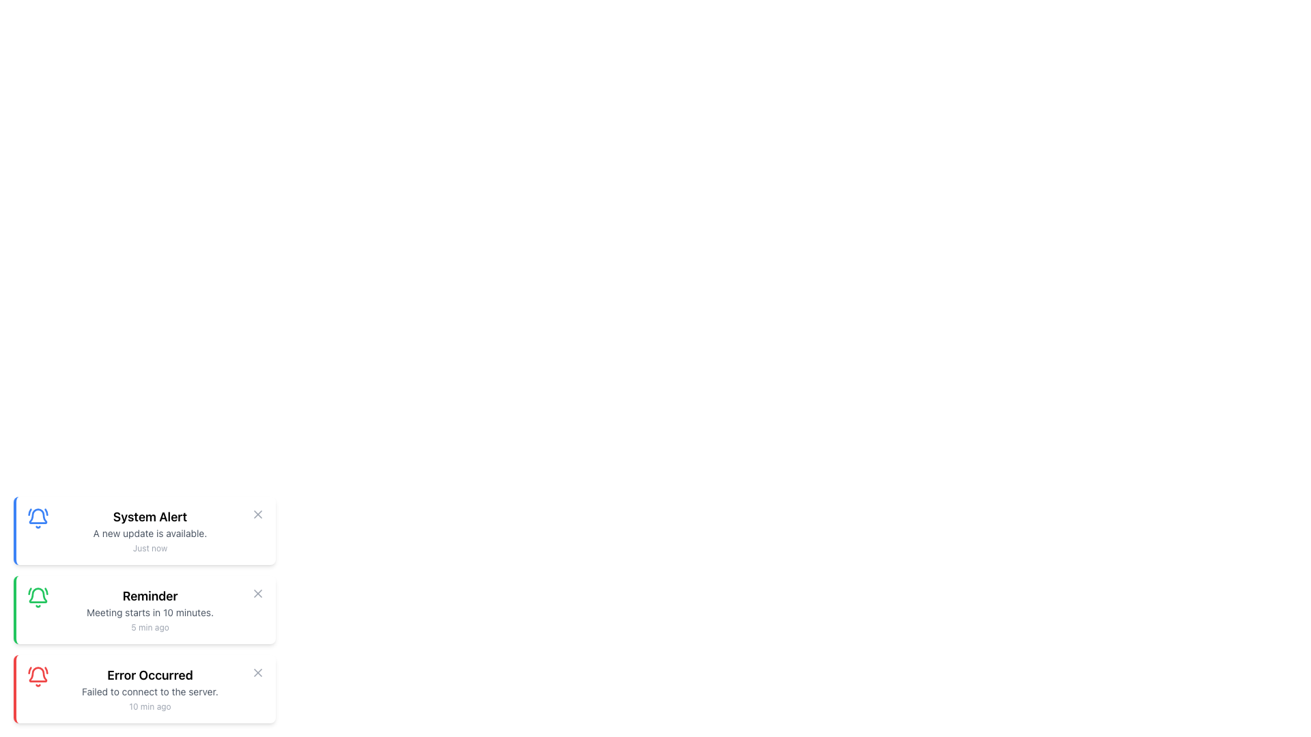 The height and width of the screenshot is (737, 1311). Describe the element at coordinates (150, 533) in the screenshot. I see `message content from the 'System Alert' notification label, which is centered under the header and above the footer in the notification card` at that location.